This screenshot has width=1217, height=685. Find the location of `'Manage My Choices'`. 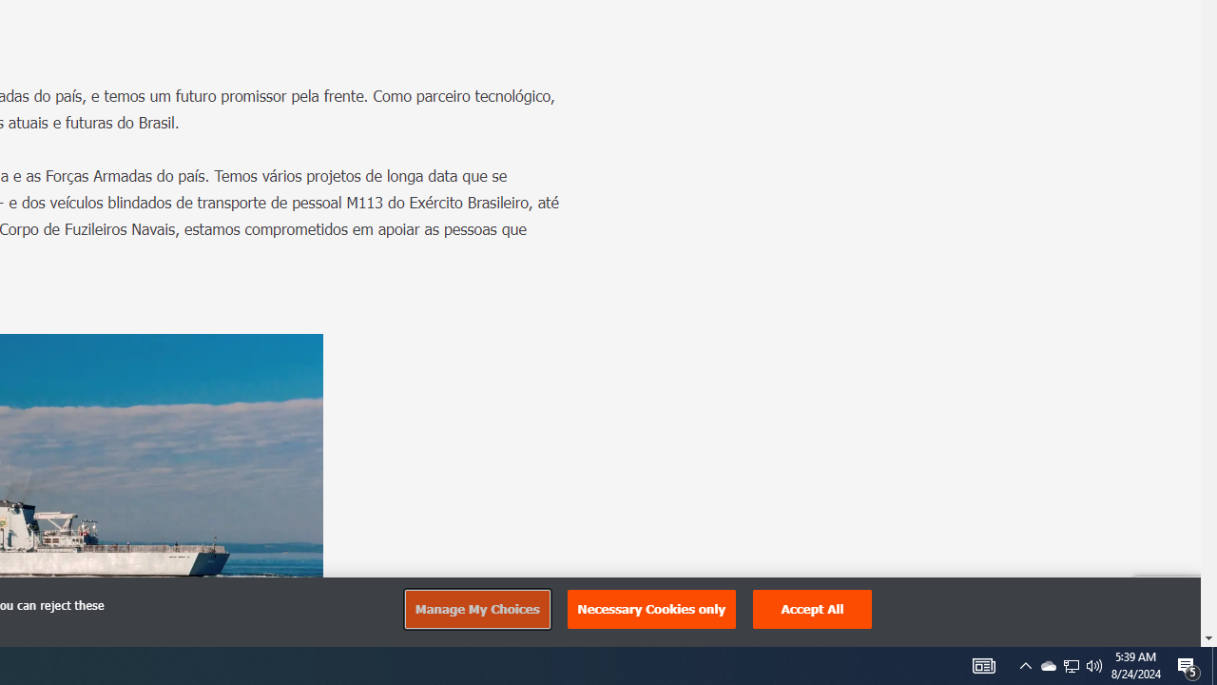

'Manage My Choices' is located at coordinates (476, 609).